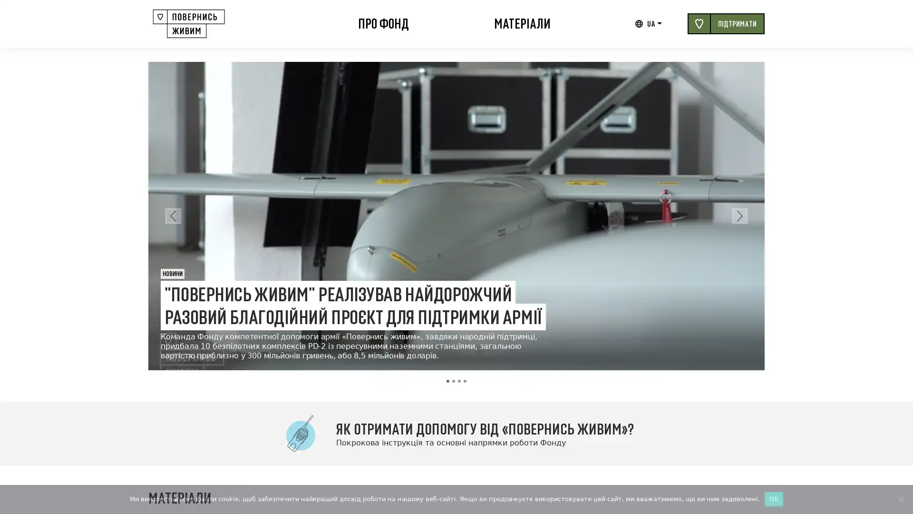 Image resolution: width=913 pixels, height=514 pixels. I want to click on 2, so click(459, 381).